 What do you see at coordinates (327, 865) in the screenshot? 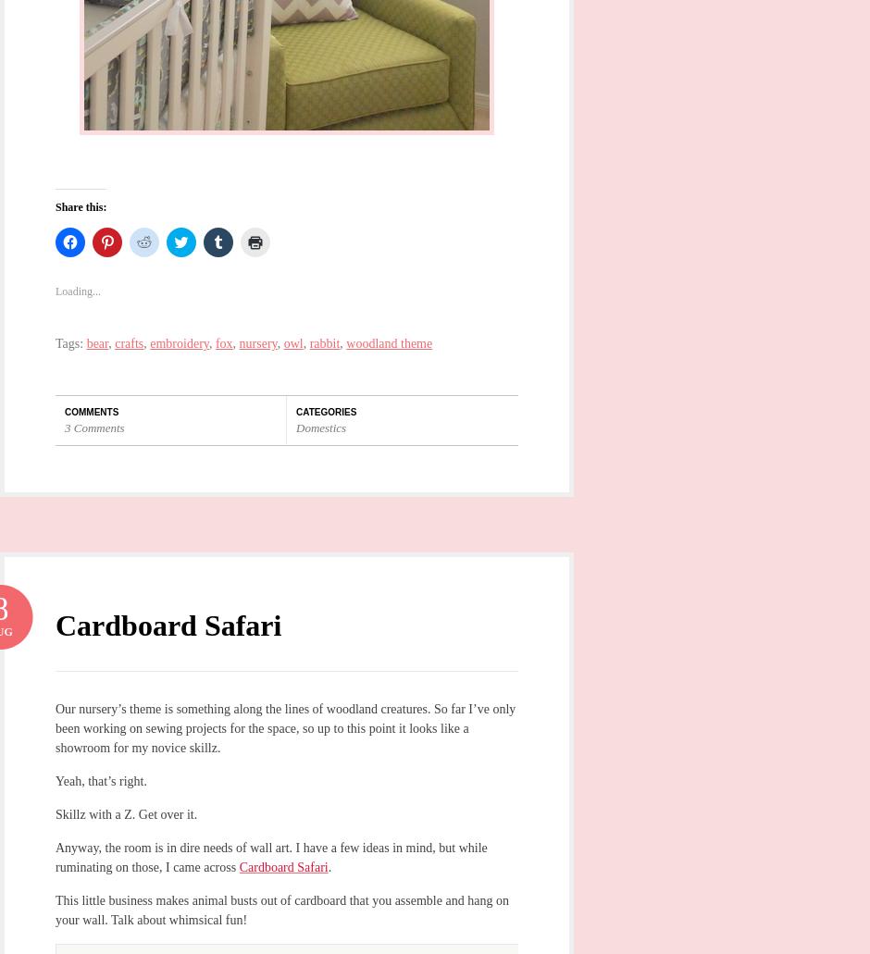
I see `'.'` at bounding box center [327, 865].